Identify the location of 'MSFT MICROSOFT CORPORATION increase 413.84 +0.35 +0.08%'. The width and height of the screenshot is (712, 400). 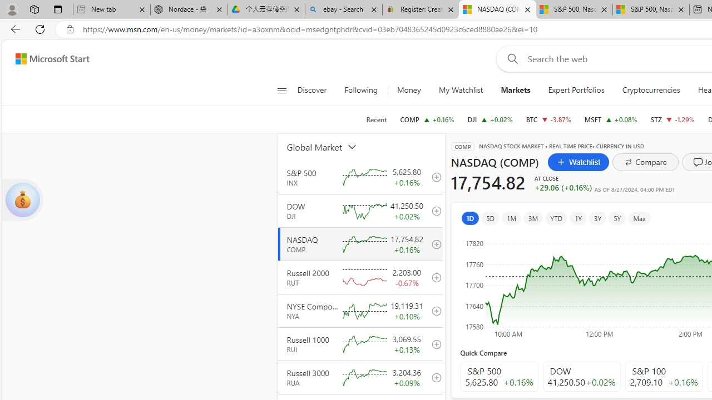
(610, 119).